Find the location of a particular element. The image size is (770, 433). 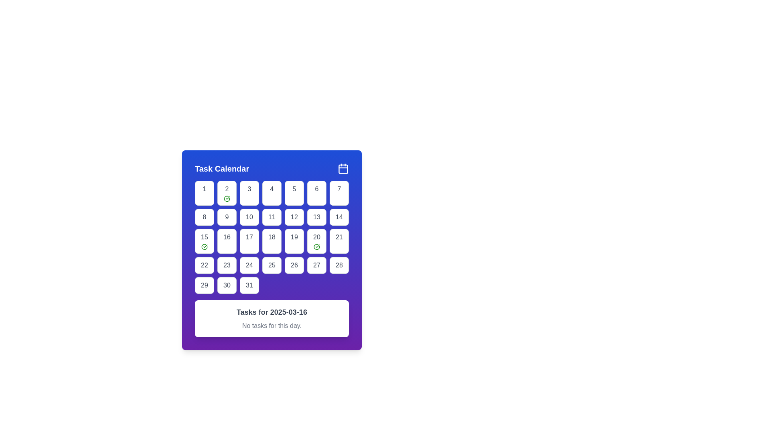

the calendar icon located at the top right corner of the blue header is located at coordinates (343, 168).